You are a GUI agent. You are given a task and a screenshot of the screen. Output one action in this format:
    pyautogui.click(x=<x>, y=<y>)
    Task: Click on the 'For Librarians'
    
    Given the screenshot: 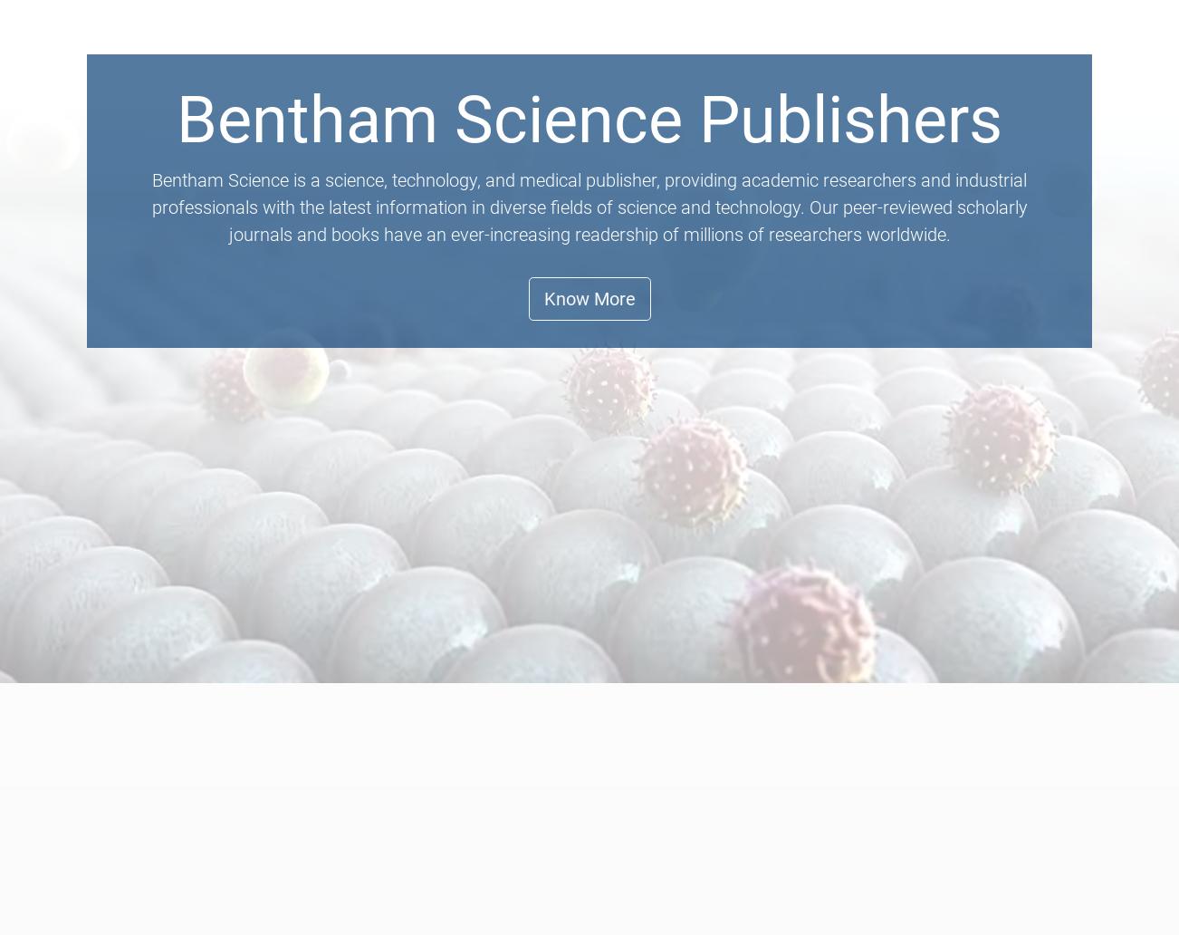 What is the action you would take?
    pyautogui.click(x=766, y=80)
    